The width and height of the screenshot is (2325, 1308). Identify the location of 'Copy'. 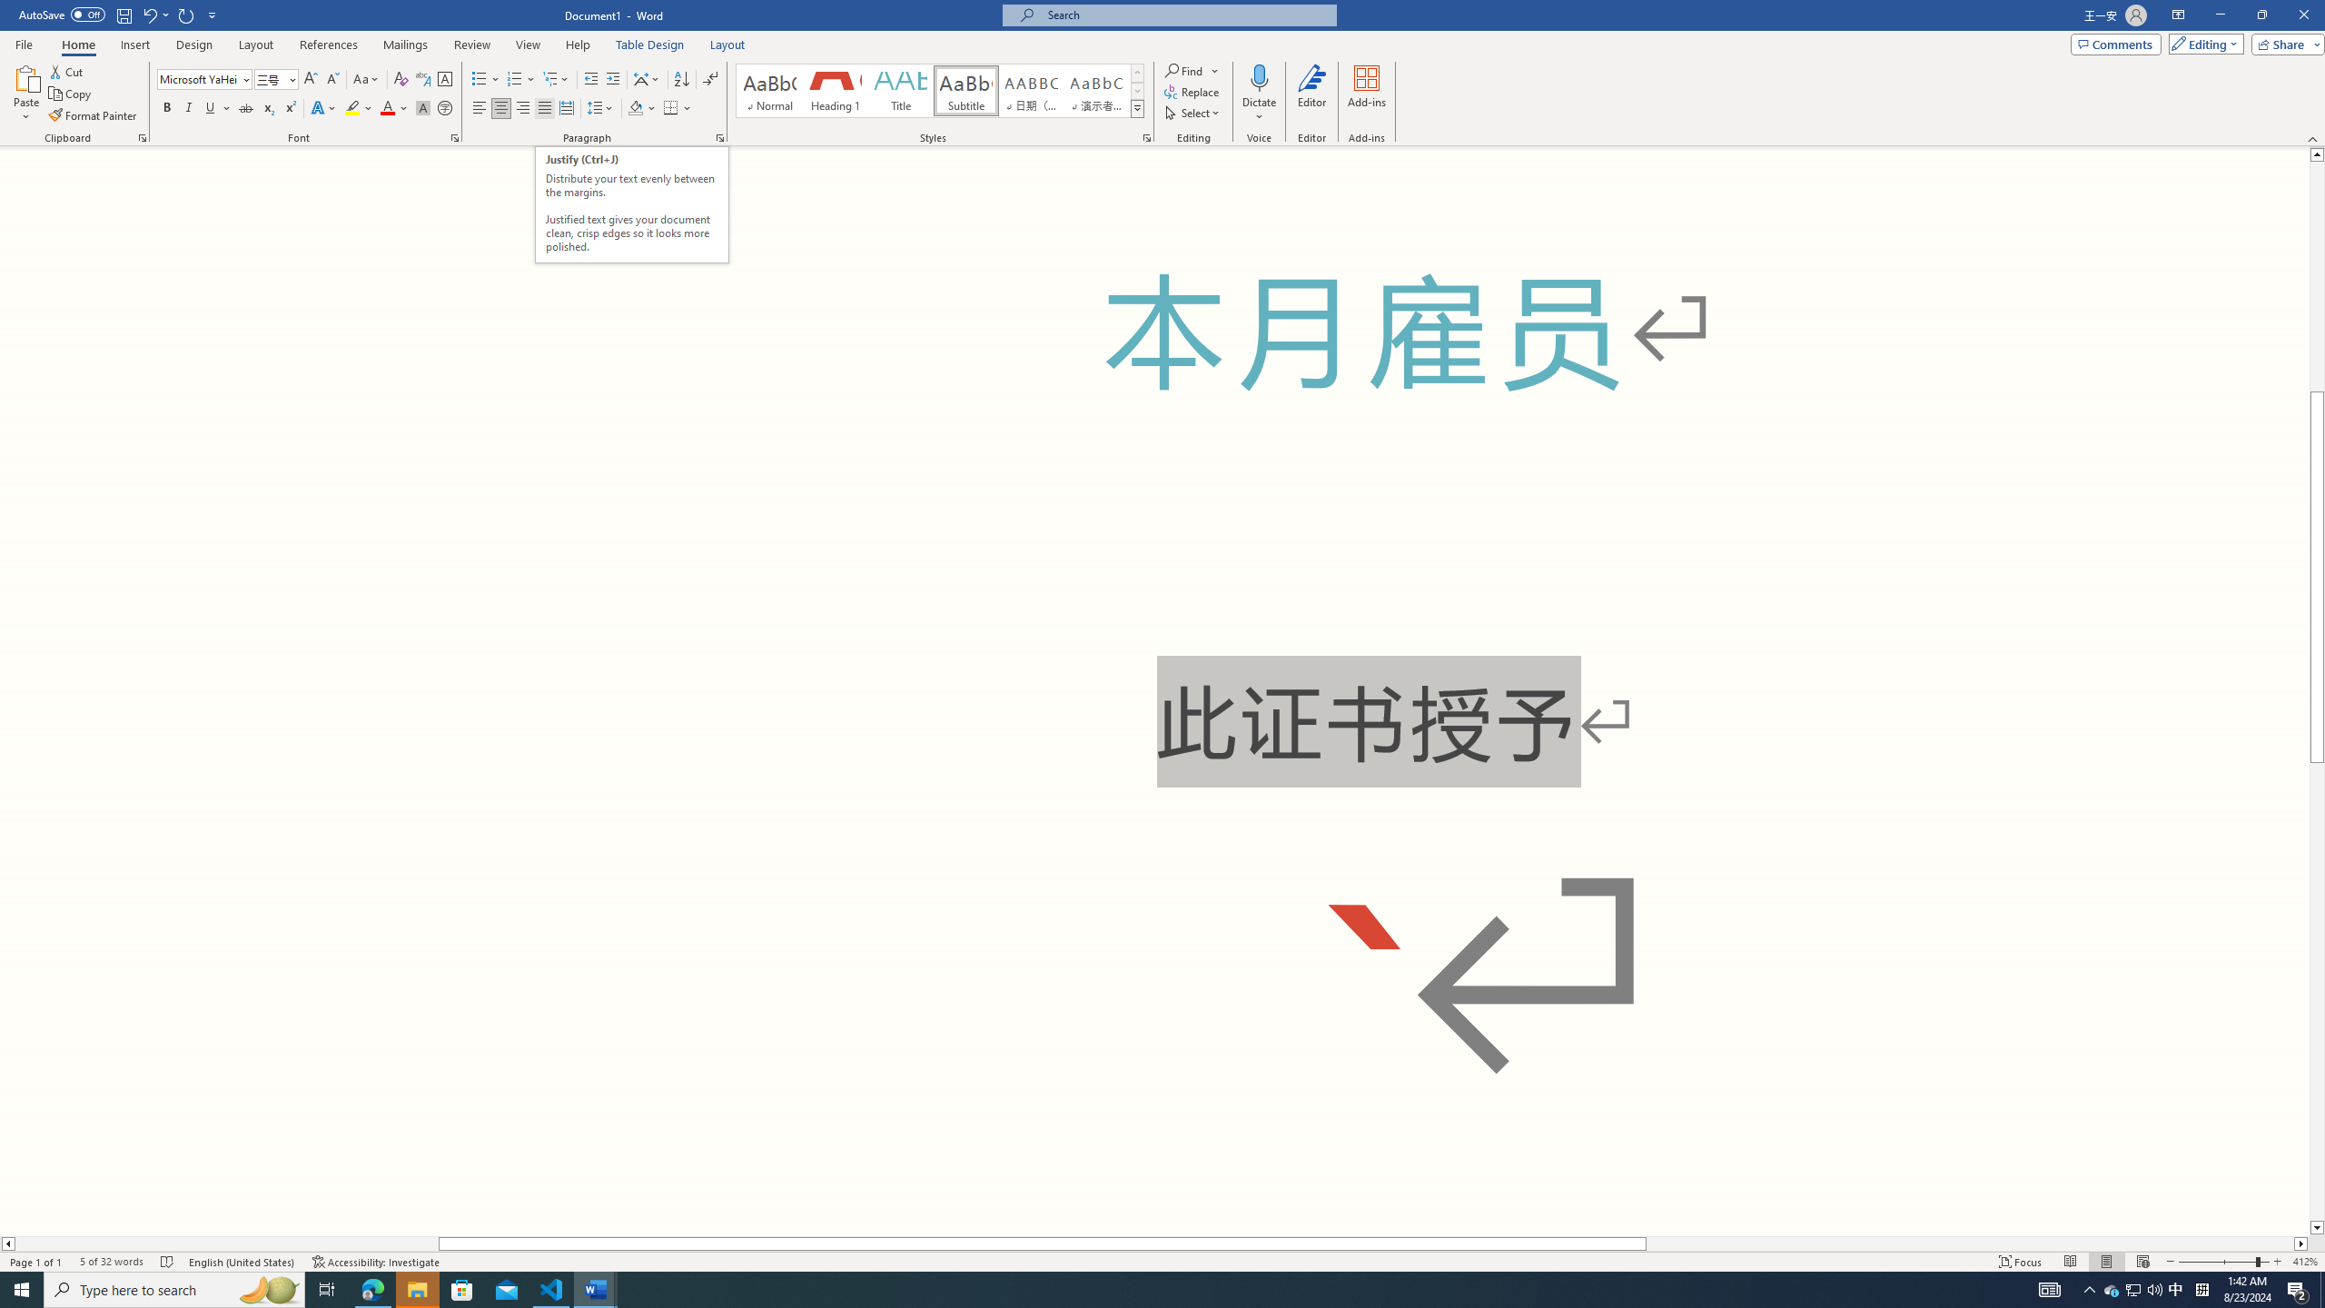
(71, 94).